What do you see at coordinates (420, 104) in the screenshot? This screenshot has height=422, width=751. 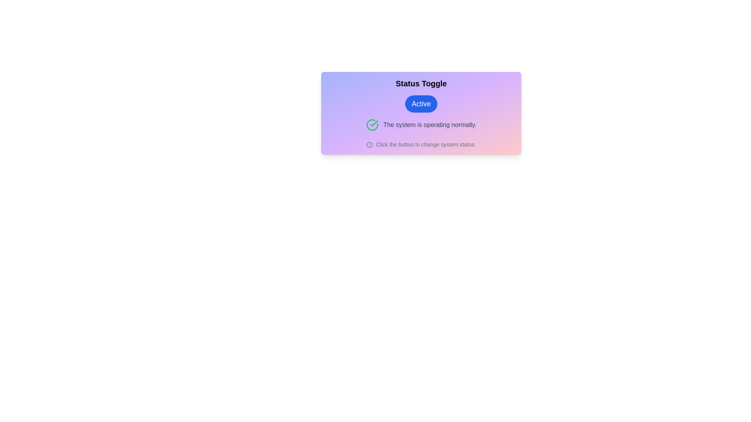 I see `the 'Active' button to toggle the system status` at bounding box center [420, 104].